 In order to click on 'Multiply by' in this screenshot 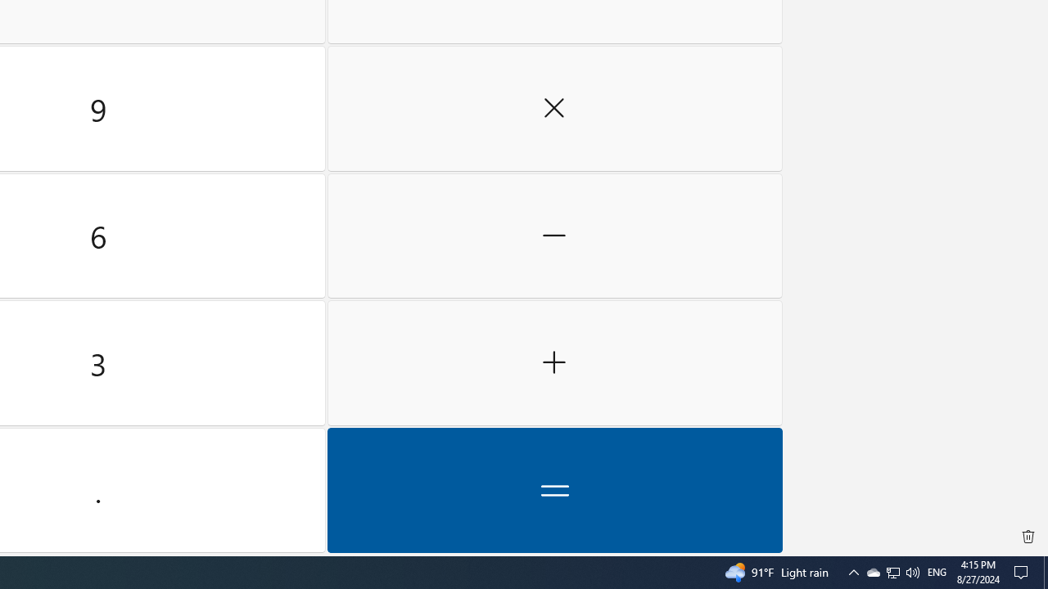, I will do `click(554, 109)`.